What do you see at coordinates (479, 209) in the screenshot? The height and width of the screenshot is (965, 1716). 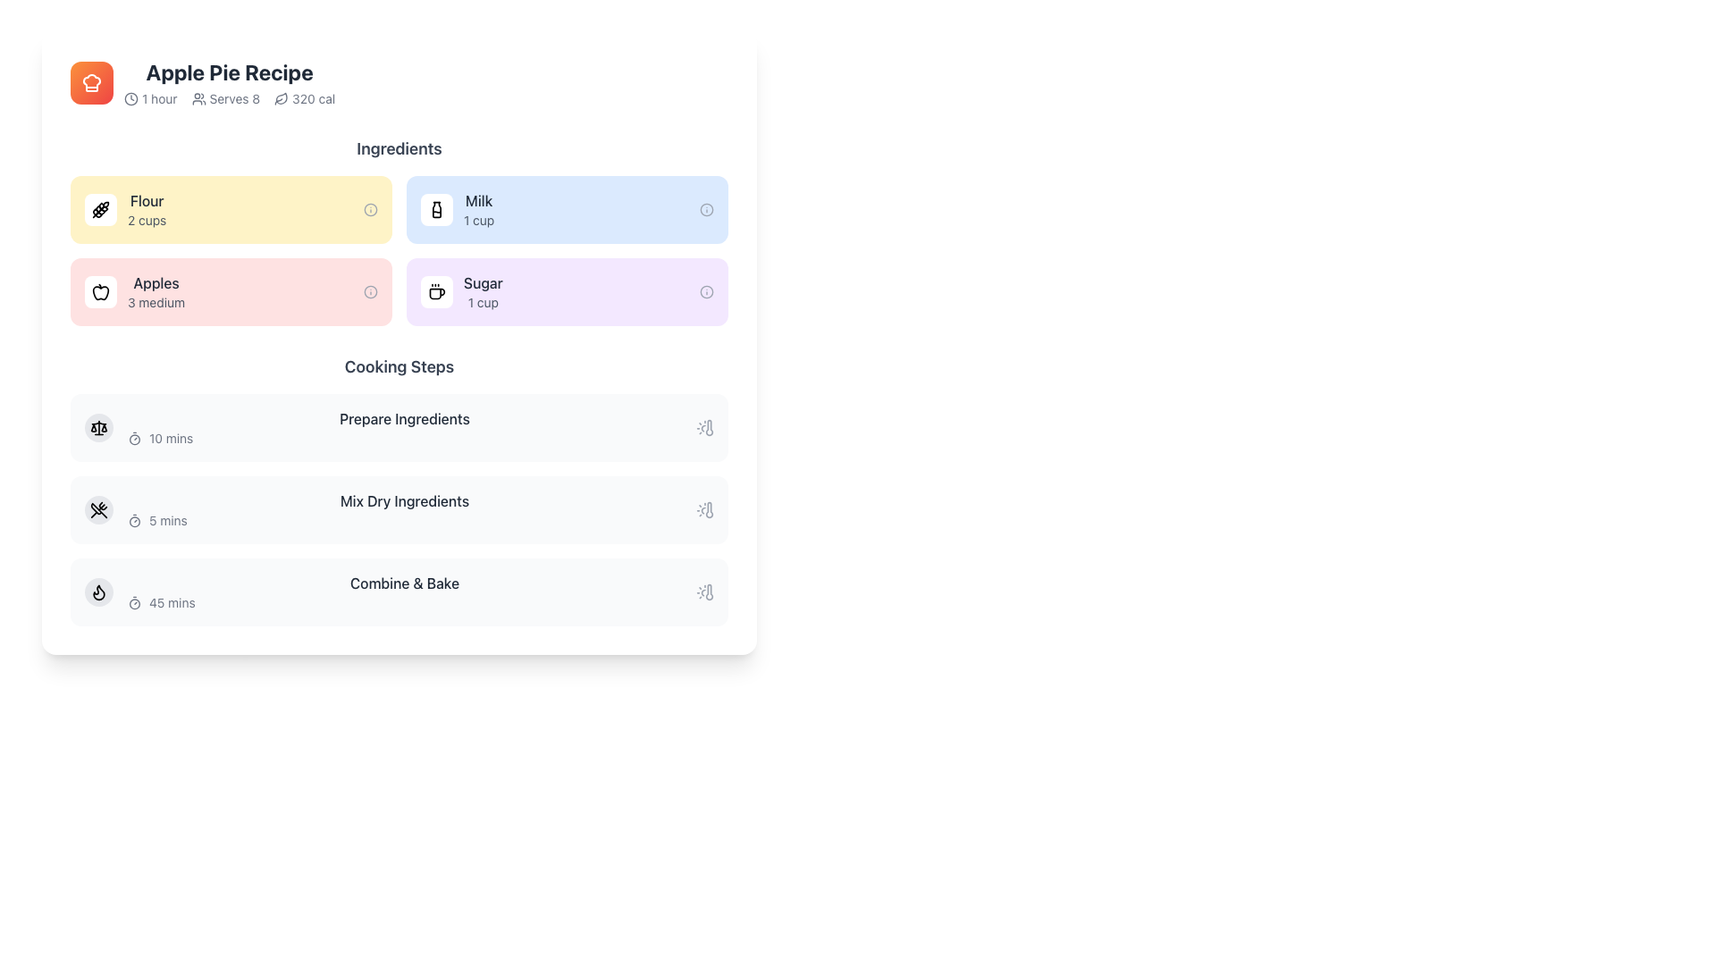 I see `the text block displaying 'Milk' and '1 cup', which is the second item in the 'Ingredients' section of the recipe interface, positioned below the header 'Ingredients' and to the right of 'Flour'` at bounding box center [479, 209].